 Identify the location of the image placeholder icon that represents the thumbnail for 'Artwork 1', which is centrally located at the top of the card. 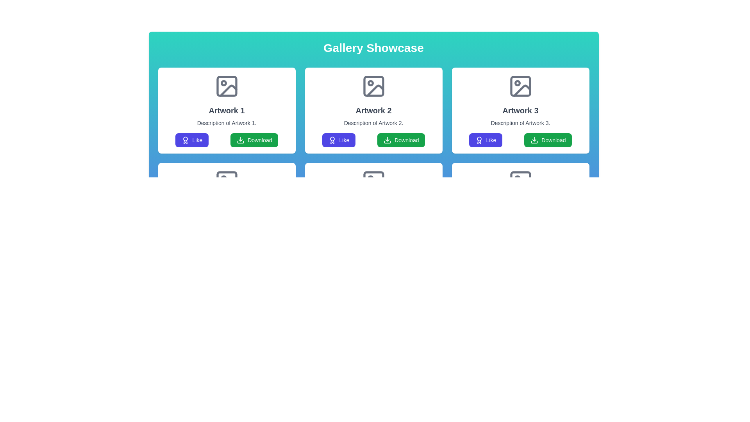
(226, 86).